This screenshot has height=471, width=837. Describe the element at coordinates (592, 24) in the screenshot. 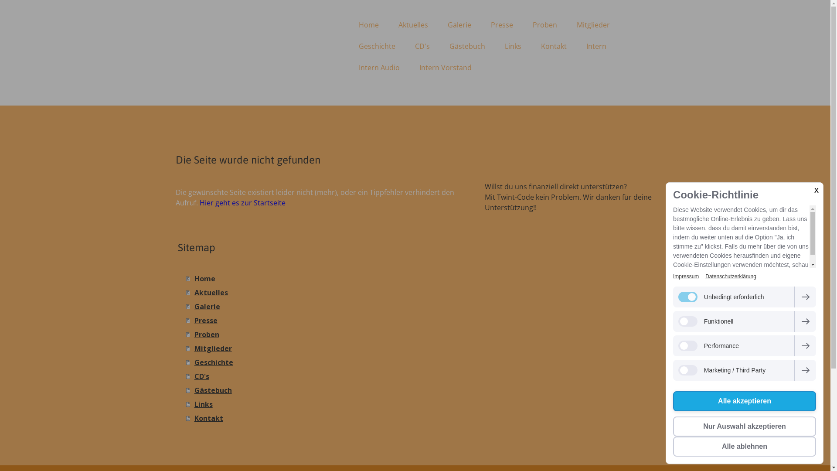

I see `'Mitglieder'` at that location.